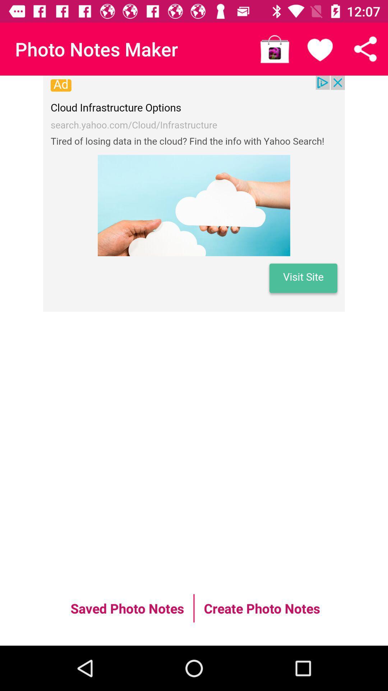 The height and width of the screenshot is (691, 388). Describe the element at coordinates (365, 49) in the screenshot. I see `share the article` at that location.